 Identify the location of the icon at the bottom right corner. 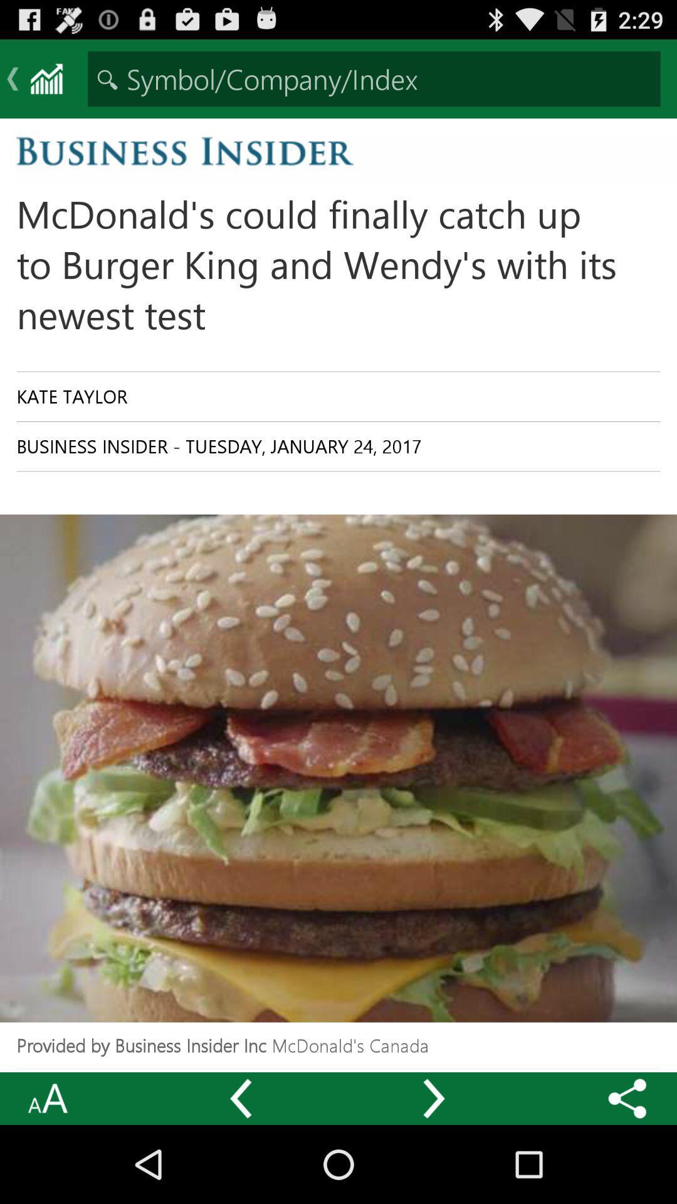
(627, 1098).